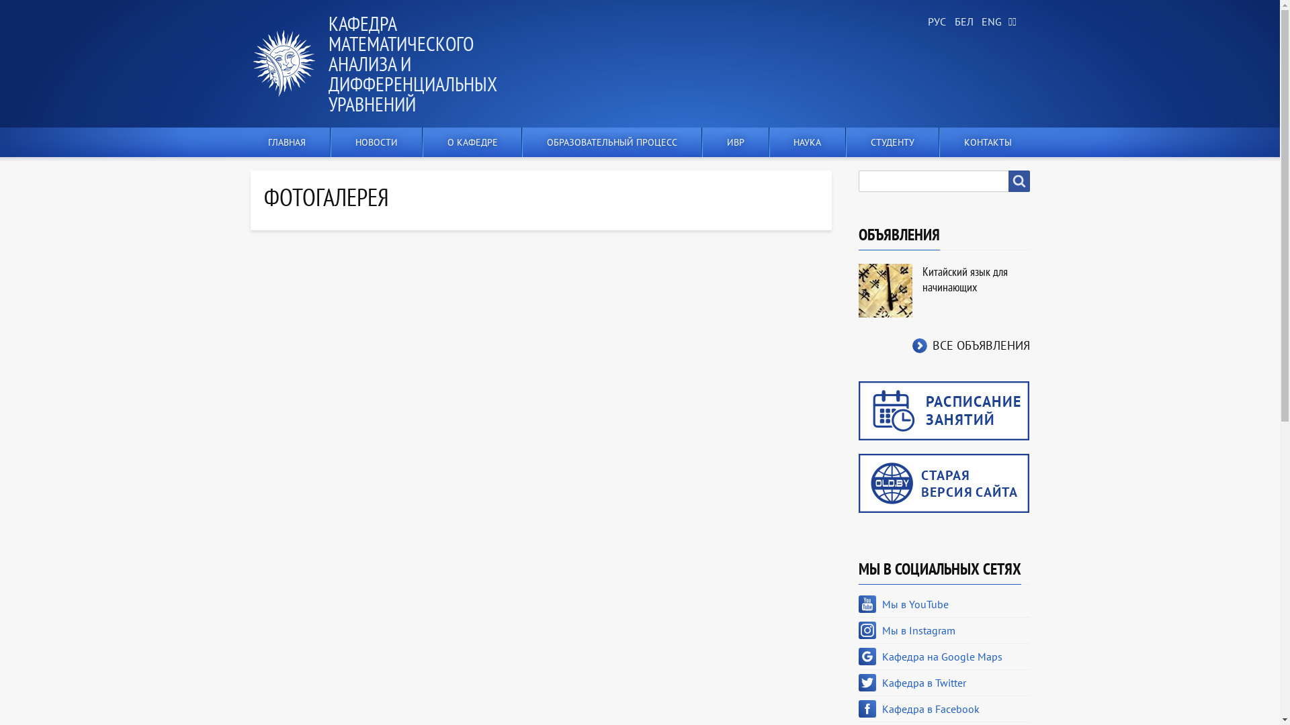 This screenshot has height=725, width=1290. Describe the element at coordinates (935, 22) in the screenshot. I see `'Russian'` at that location.